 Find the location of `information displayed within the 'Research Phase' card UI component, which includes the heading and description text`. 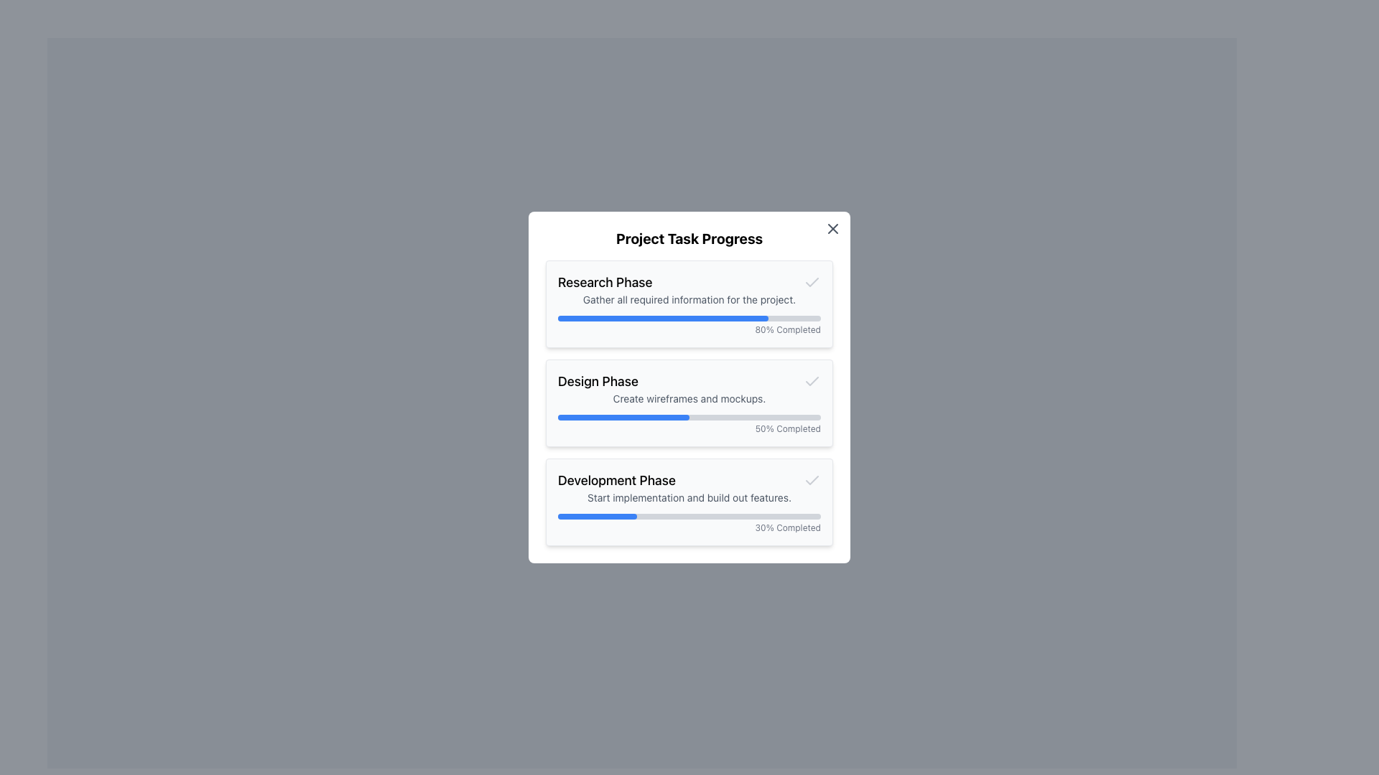

information displayed within the 'Research Phase' card UI component, which includes the heading and description text is located at coordinates (689, 304).